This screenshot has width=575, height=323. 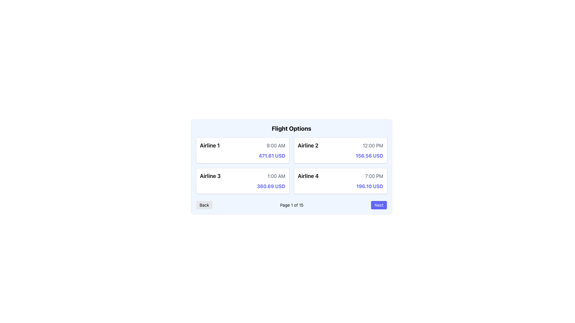 What do you see at coordinates (210, 145) in the screenshot?
I see `the static text label displaying 'Airline 1', which is part of a card layout in the top-left cell of a grid containing airline options` at bounding box center [210, 145].